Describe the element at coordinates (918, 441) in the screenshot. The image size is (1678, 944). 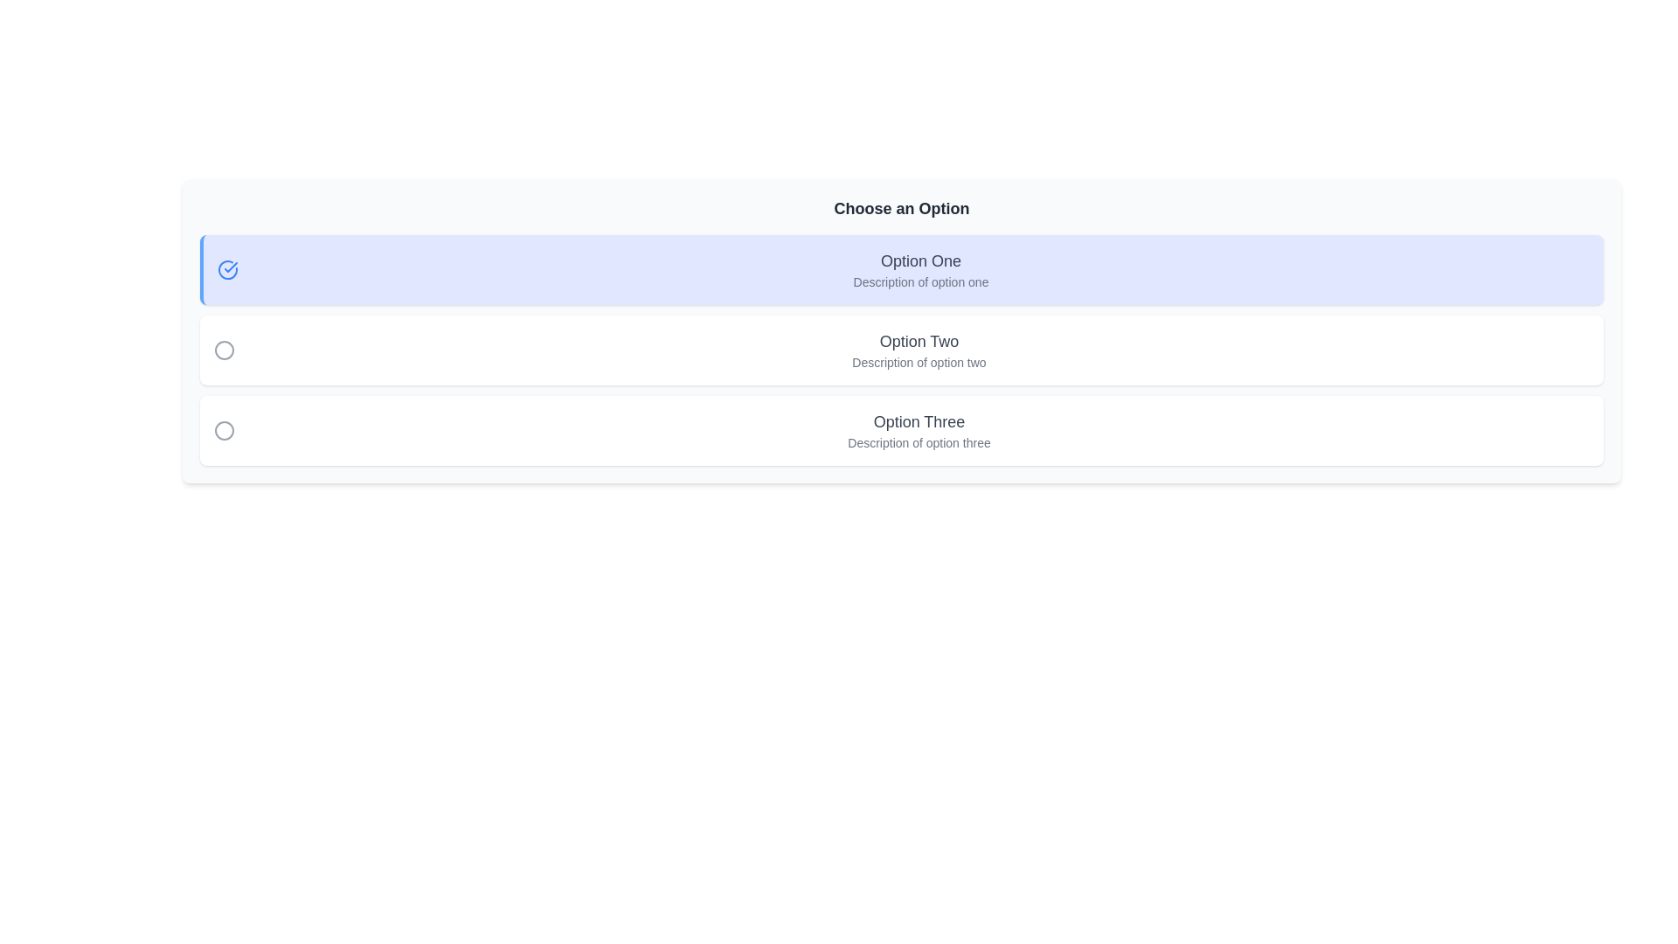
I see `the descriptive text 'Description of option three' which is located beneath 'Option Three' in a selection group` at that location.